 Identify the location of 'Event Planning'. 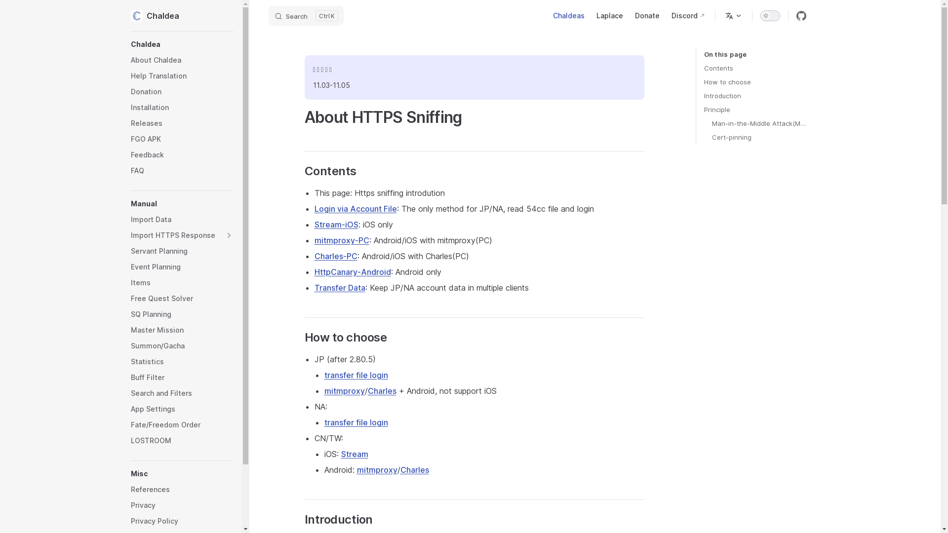
(182, 266).